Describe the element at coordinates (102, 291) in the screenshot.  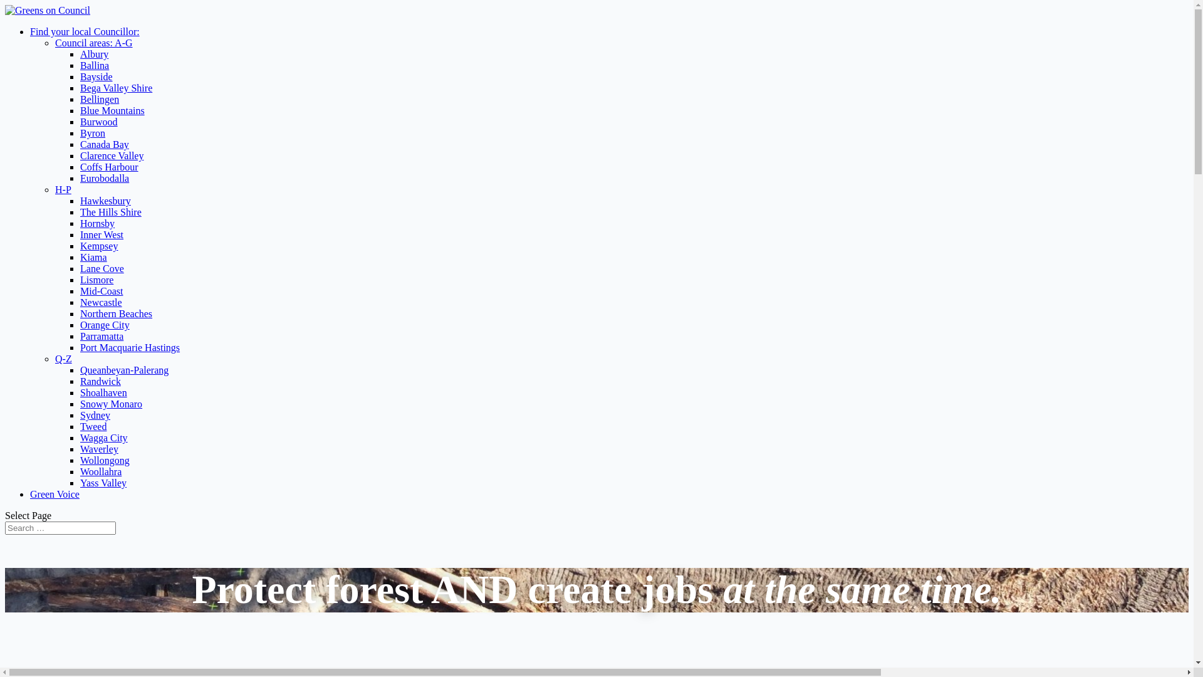
I see `'Mid-Coast'` at that location.